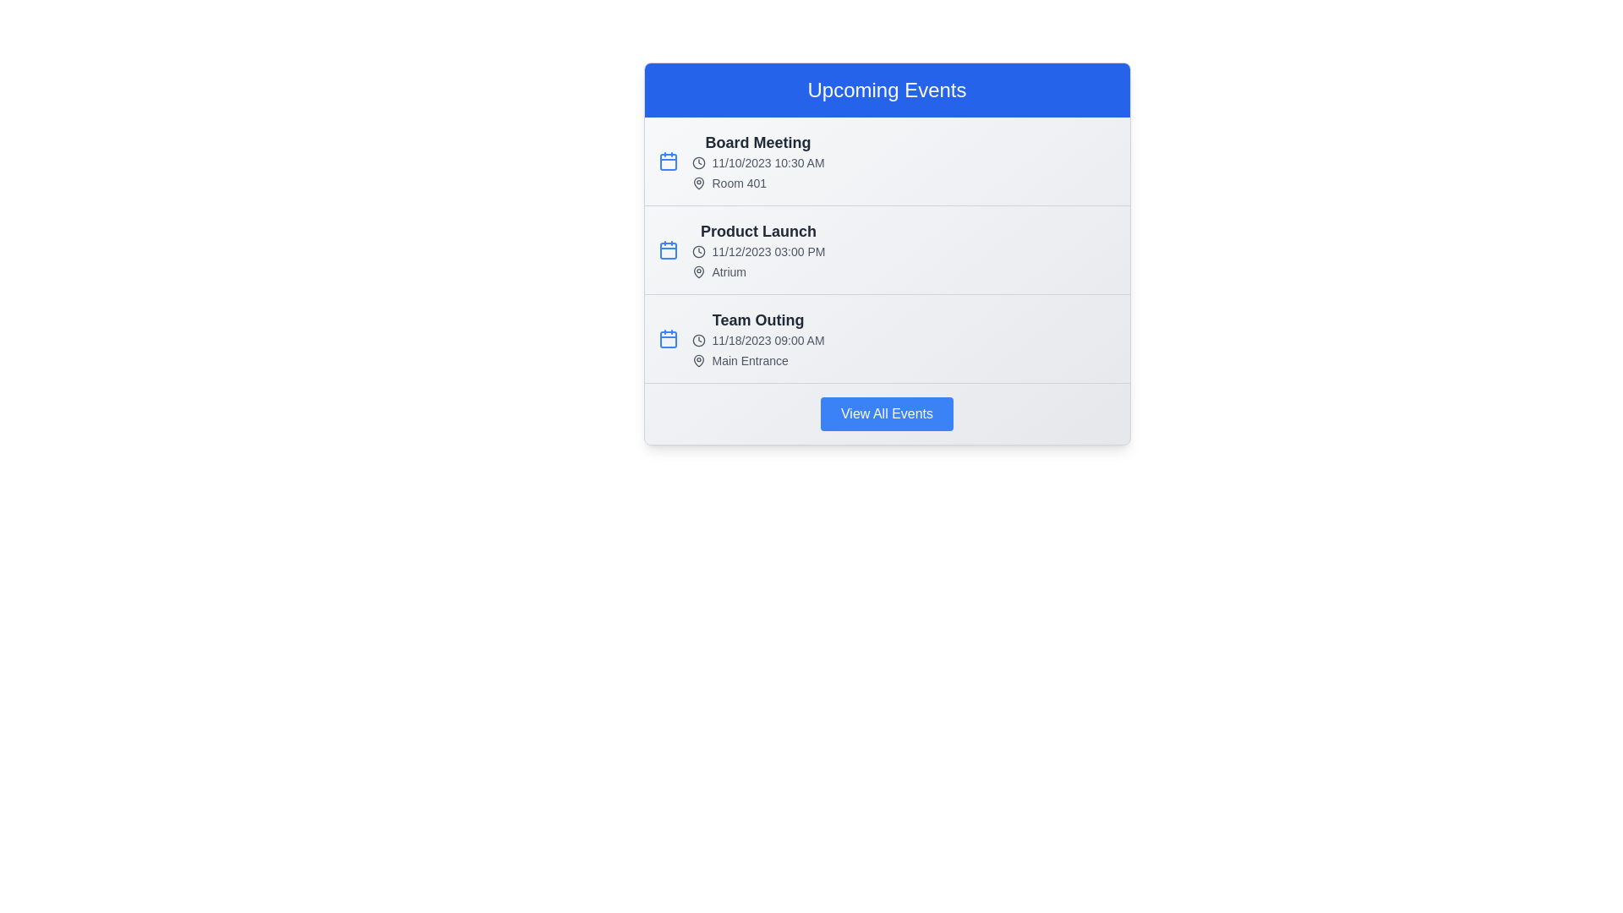 The image size is (1623, 913). What do you see at coordinates (757, 251) in the screenshot?
I see `the clock icon next to the timestamp '11/12/2023 03:00 PM' to visually indicate the time` at bounding box center [757, 251].